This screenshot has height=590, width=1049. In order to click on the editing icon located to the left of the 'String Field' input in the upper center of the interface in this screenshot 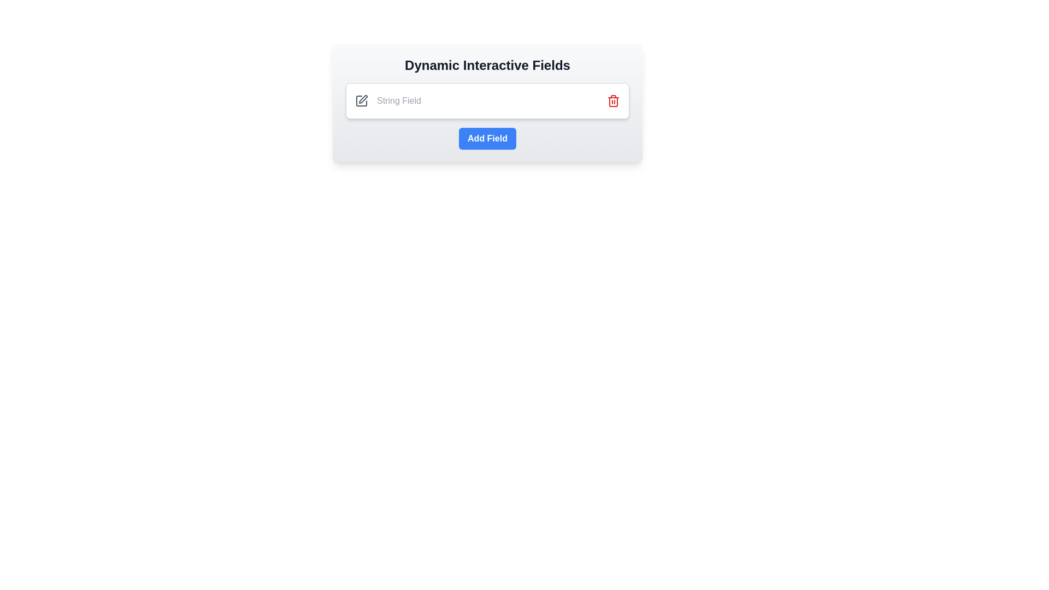, I will do `click(362, 101)`.